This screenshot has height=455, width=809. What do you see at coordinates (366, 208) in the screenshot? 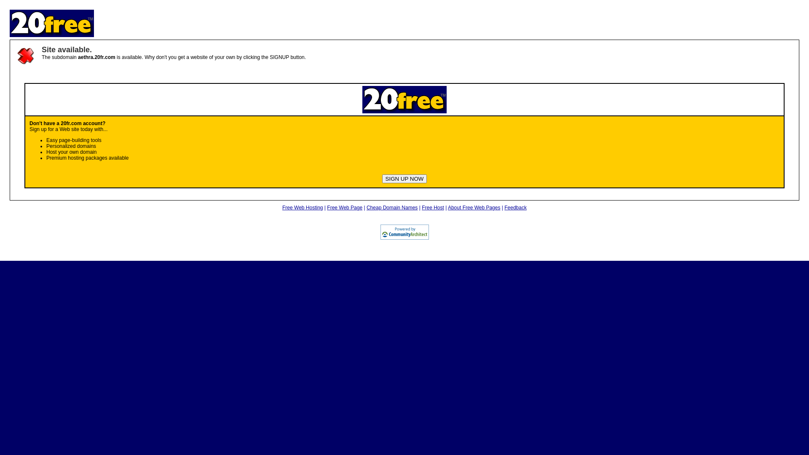
I see `'Cheap Domain Names'` at bounding box center [366, 208].